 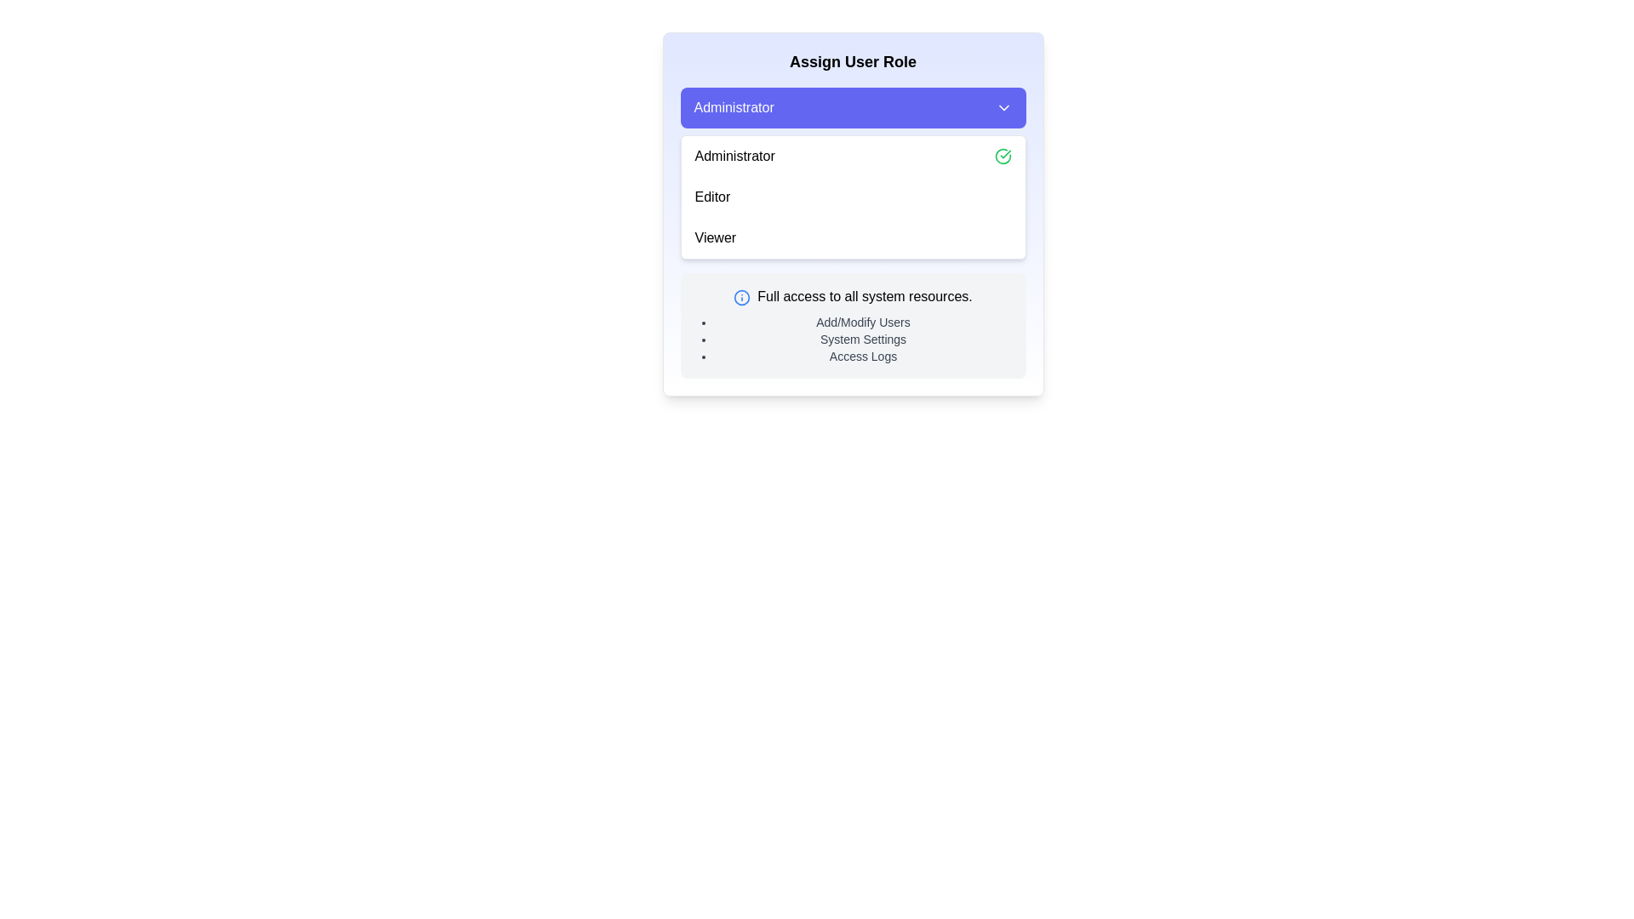 I want to click on the Text label indicating an operation or action related to modifying user settings, which is the first item in the bulleted list under the 'Assign User Role' panel, so click(x=863, y=322).